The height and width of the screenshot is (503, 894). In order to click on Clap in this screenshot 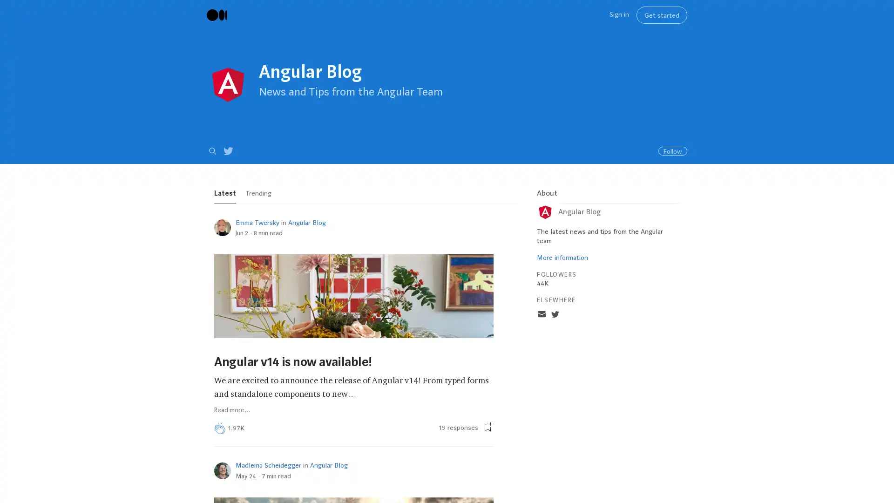, I will do `click(219, 428)`.